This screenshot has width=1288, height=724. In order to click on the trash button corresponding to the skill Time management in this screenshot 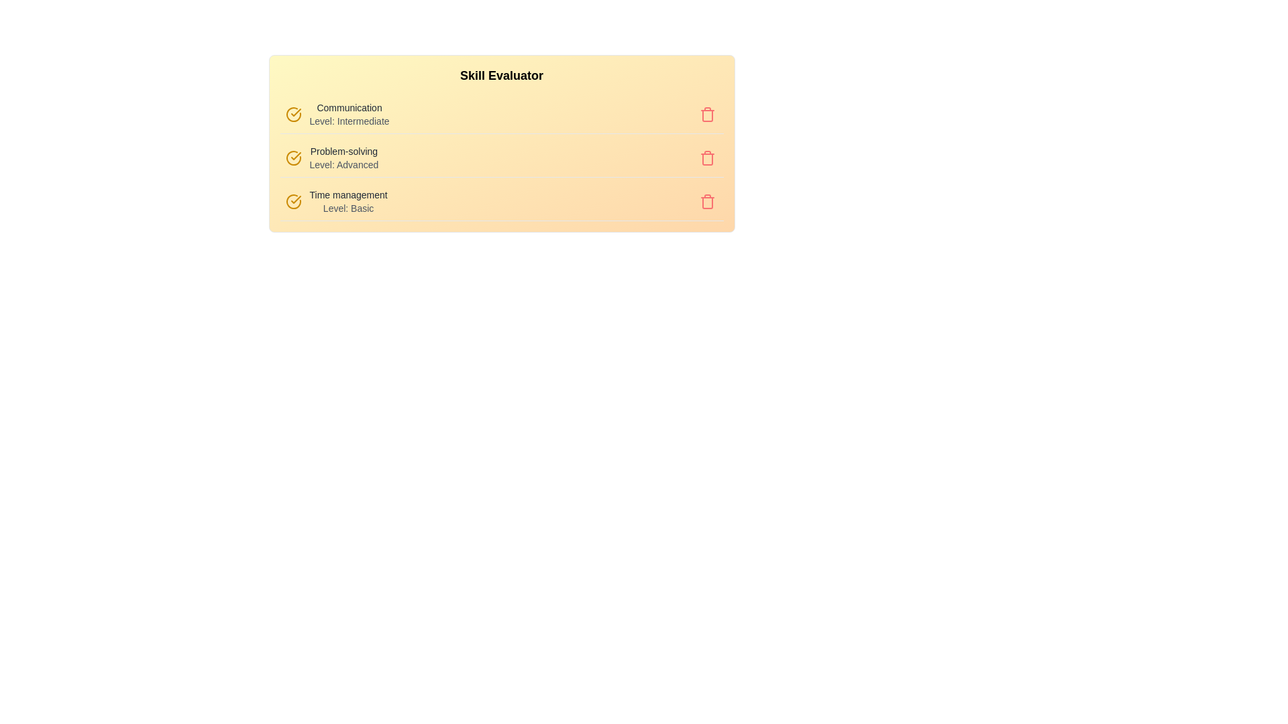, I will do `click(706, 201)`.